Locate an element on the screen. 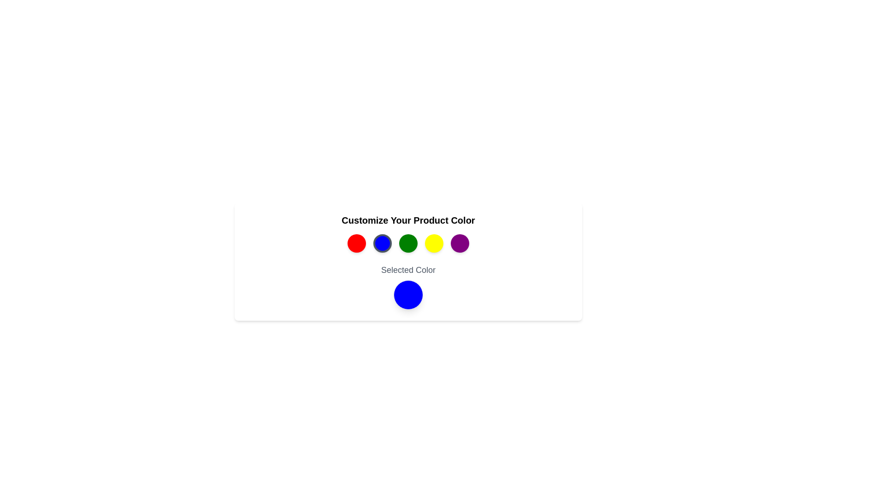  the color button corresponding to yellow is located at coordinates (433, 243).